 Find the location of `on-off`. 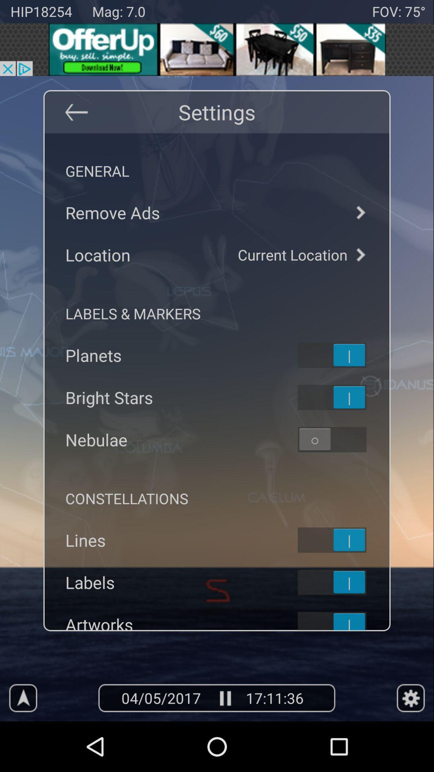

on-off is located at coordinates (342, 397).